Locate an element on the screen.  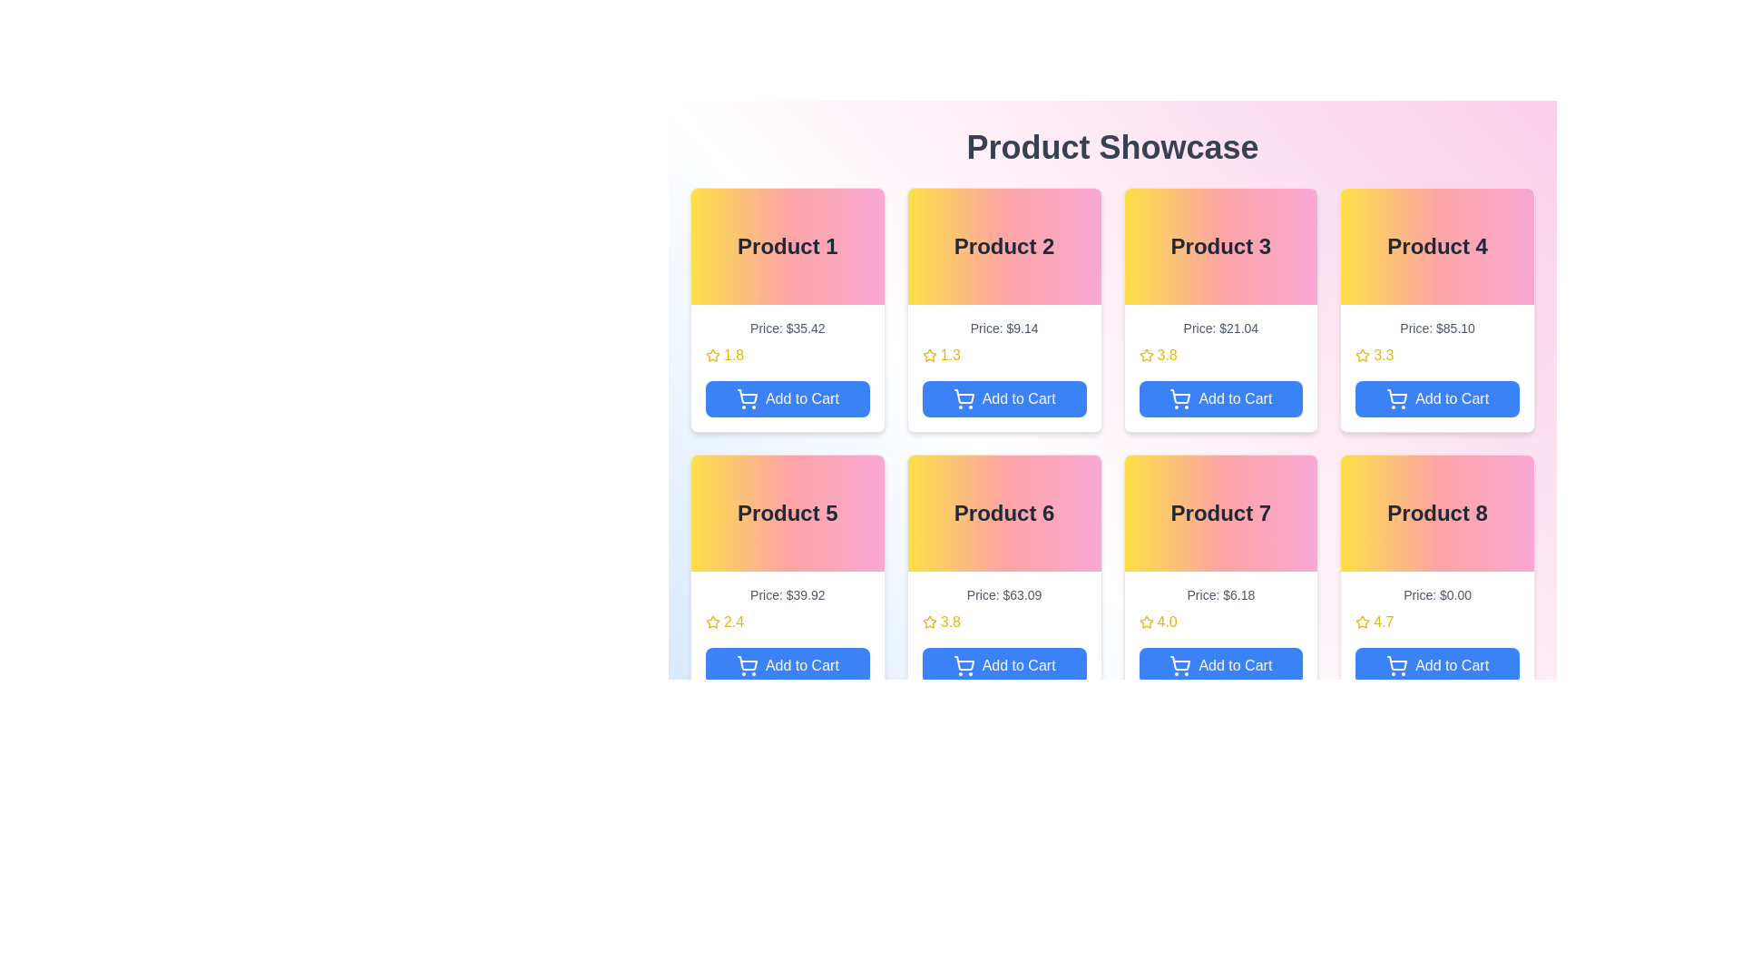
the shopping cart icon inside the 'Add to Cart' button for 'Product 6' located in the second row, fourth column is located at coordinates (963, 663).